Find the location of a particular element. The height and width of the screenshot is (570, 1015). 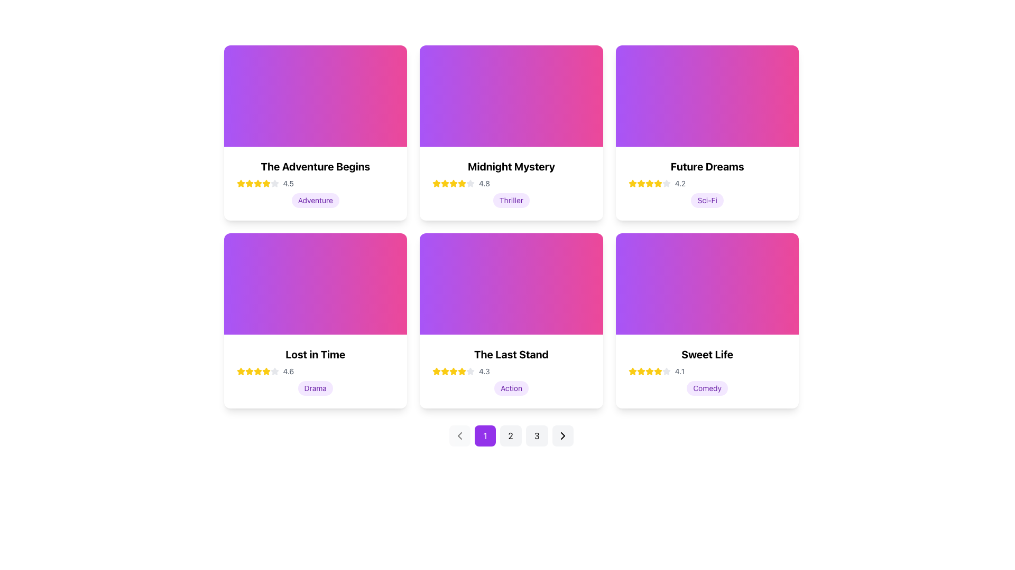

the second star-shaped rating indicator for the 'Lost in Time' item, which visually represents one of the ratings given by users is located at coordinates (248, 370).